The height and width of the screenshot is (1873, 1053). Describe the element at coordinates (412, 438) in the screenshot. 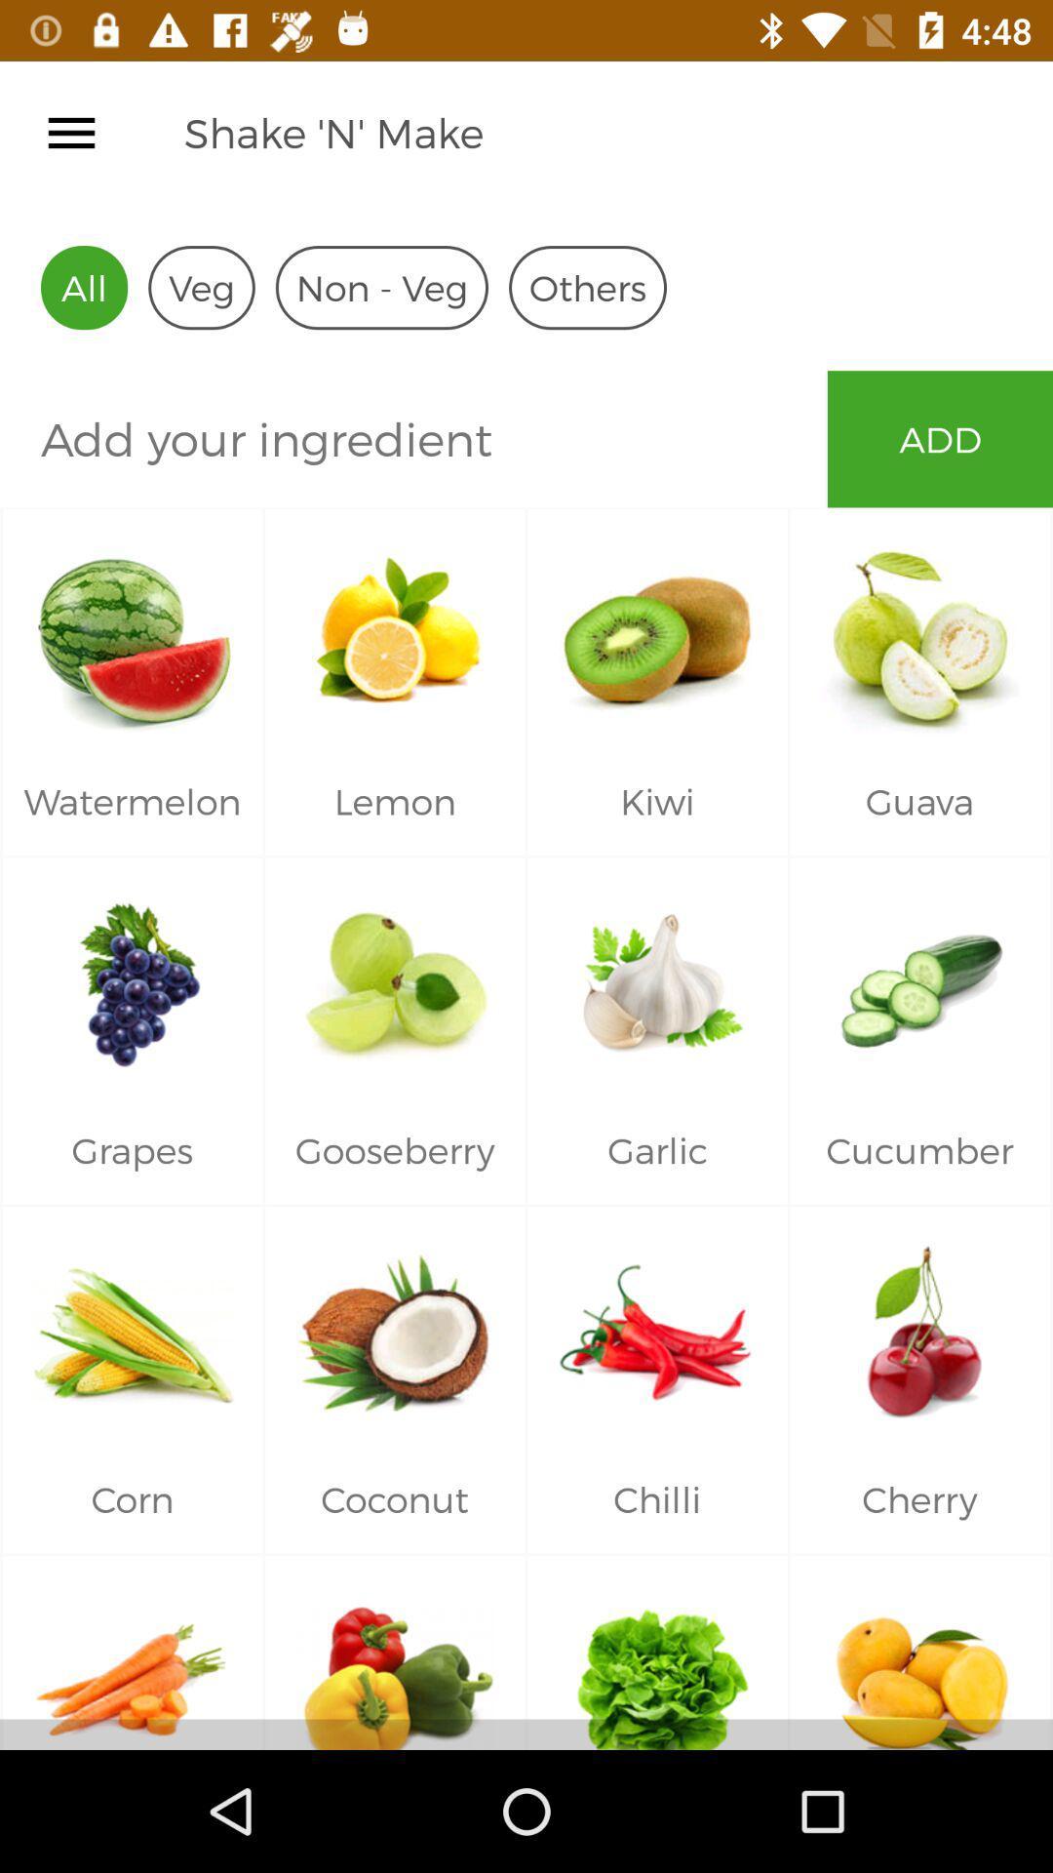

I see `ingredient` at that location.